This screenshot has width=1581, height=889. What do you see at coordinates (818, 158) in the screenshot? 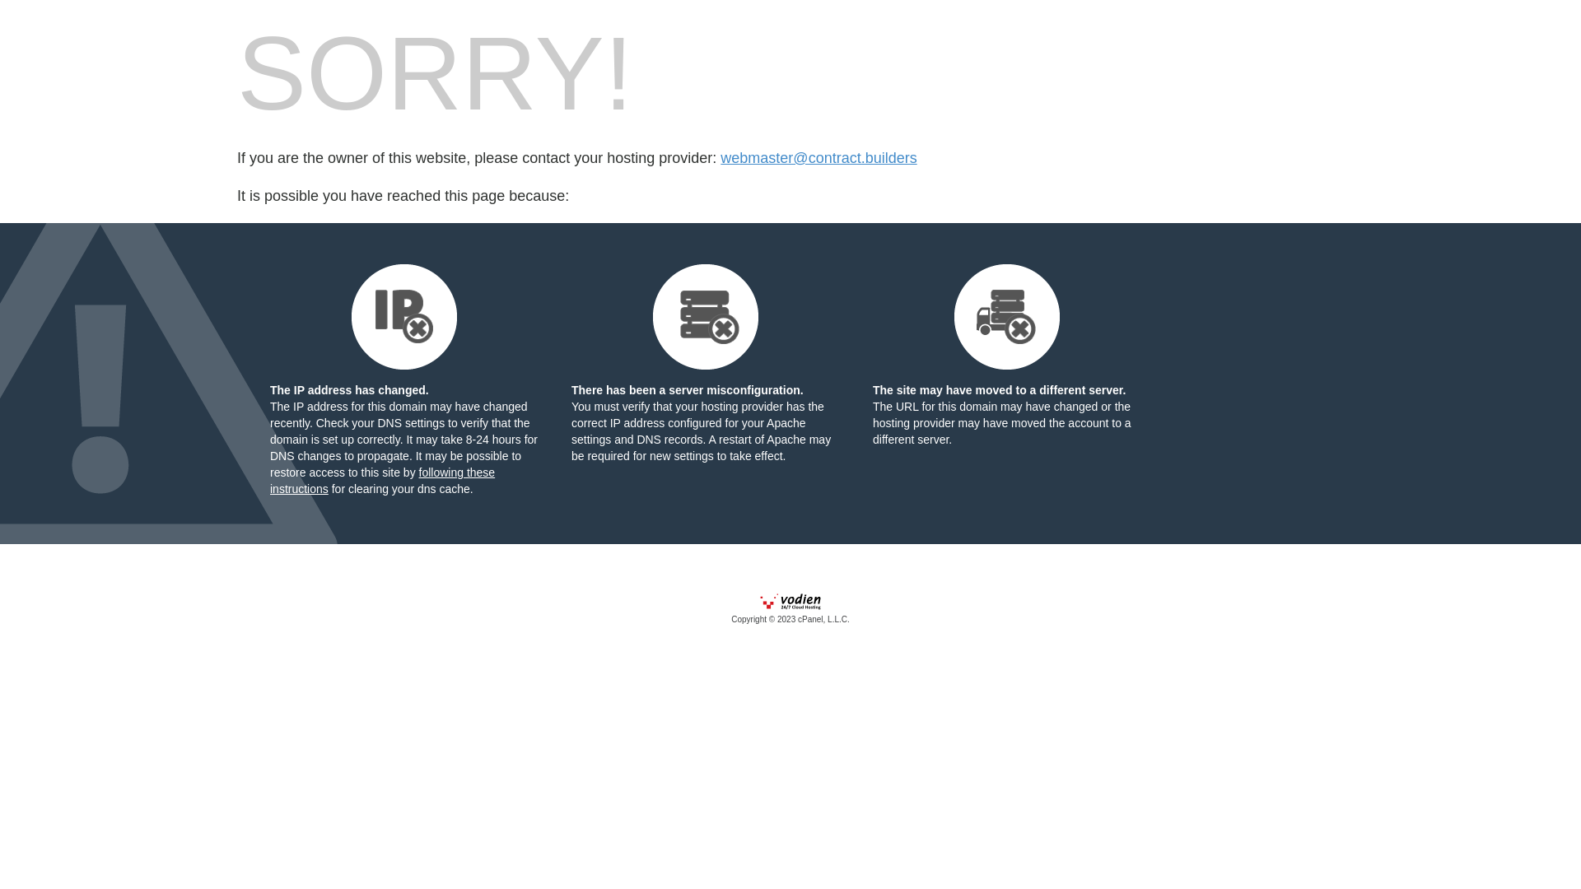
I see `'webmaster@contract.builders'` at bounding box center [818, 158].